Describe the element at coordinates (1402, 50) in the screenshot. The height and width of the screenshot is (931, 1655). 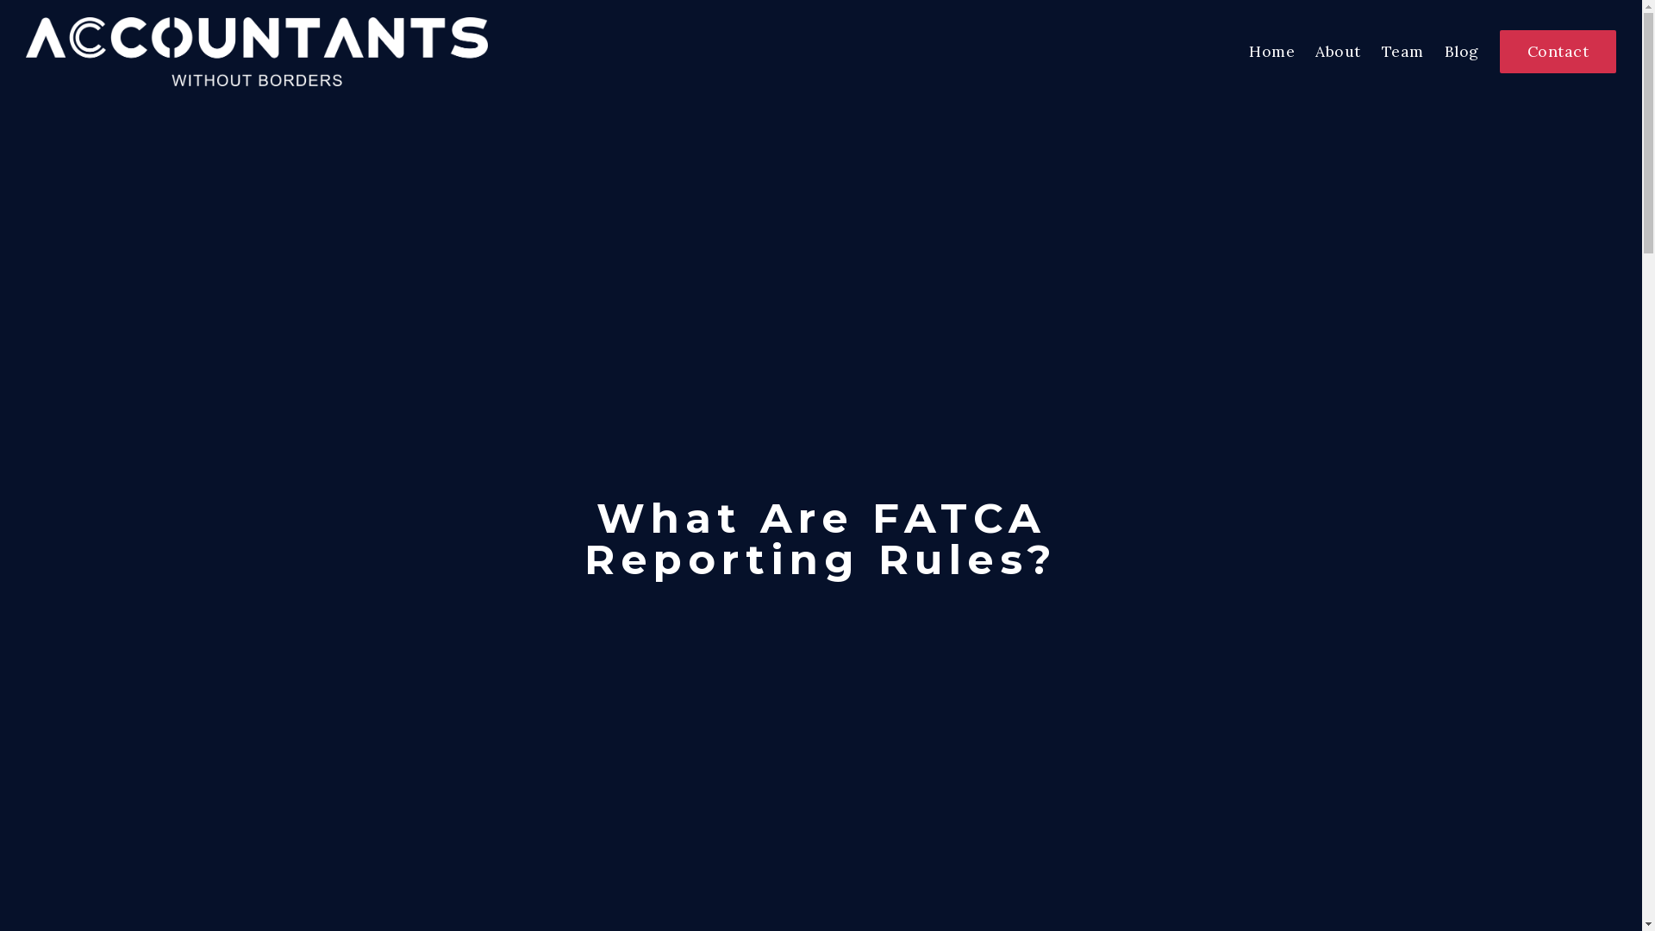
I see `'Team'` at that location.